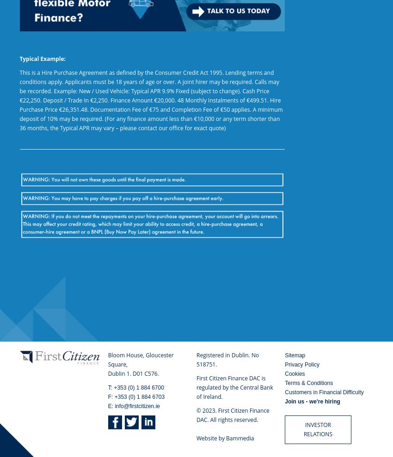 The width and height of the screenshot is (393, 457). I want to click on 'Join us - we're hiring', so click(312, 402).